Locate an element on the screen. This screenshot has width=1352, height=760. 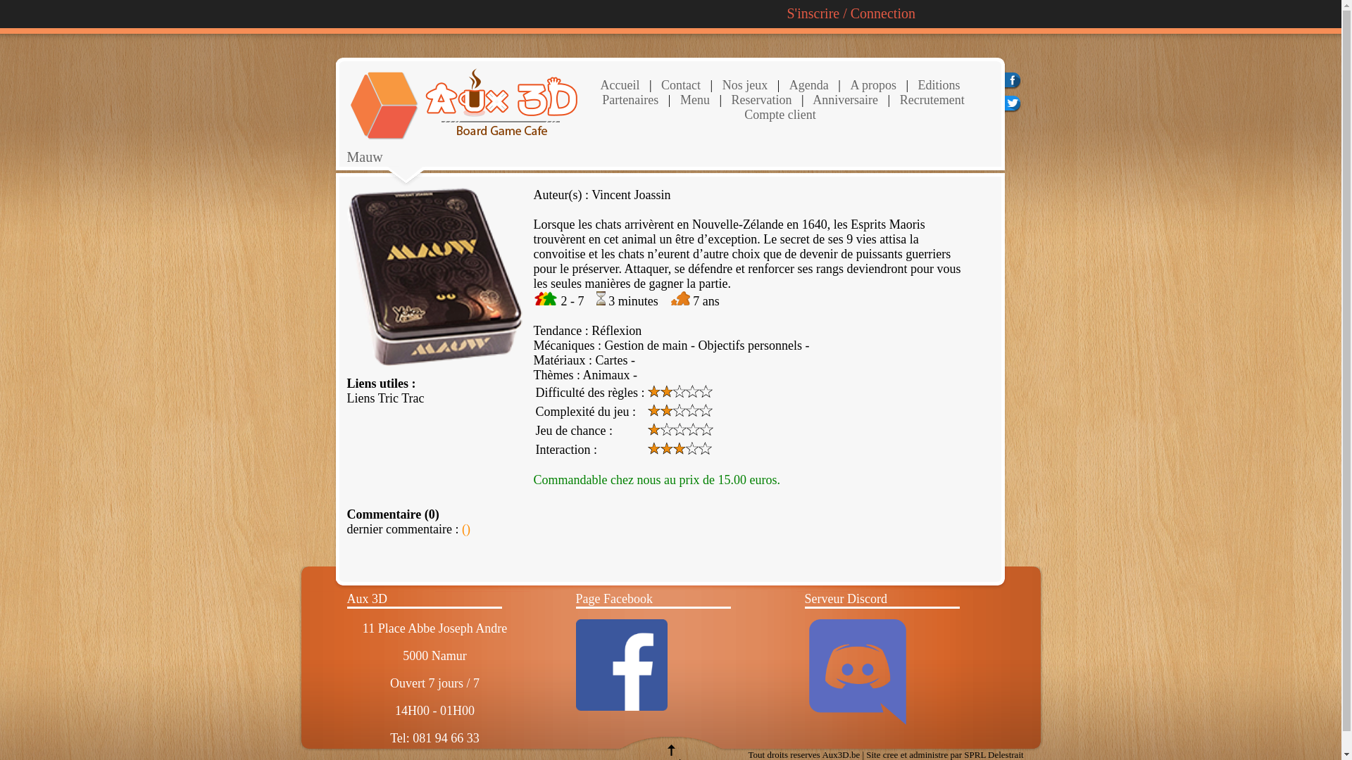
'Editions' is located at coordinates (918, 84).